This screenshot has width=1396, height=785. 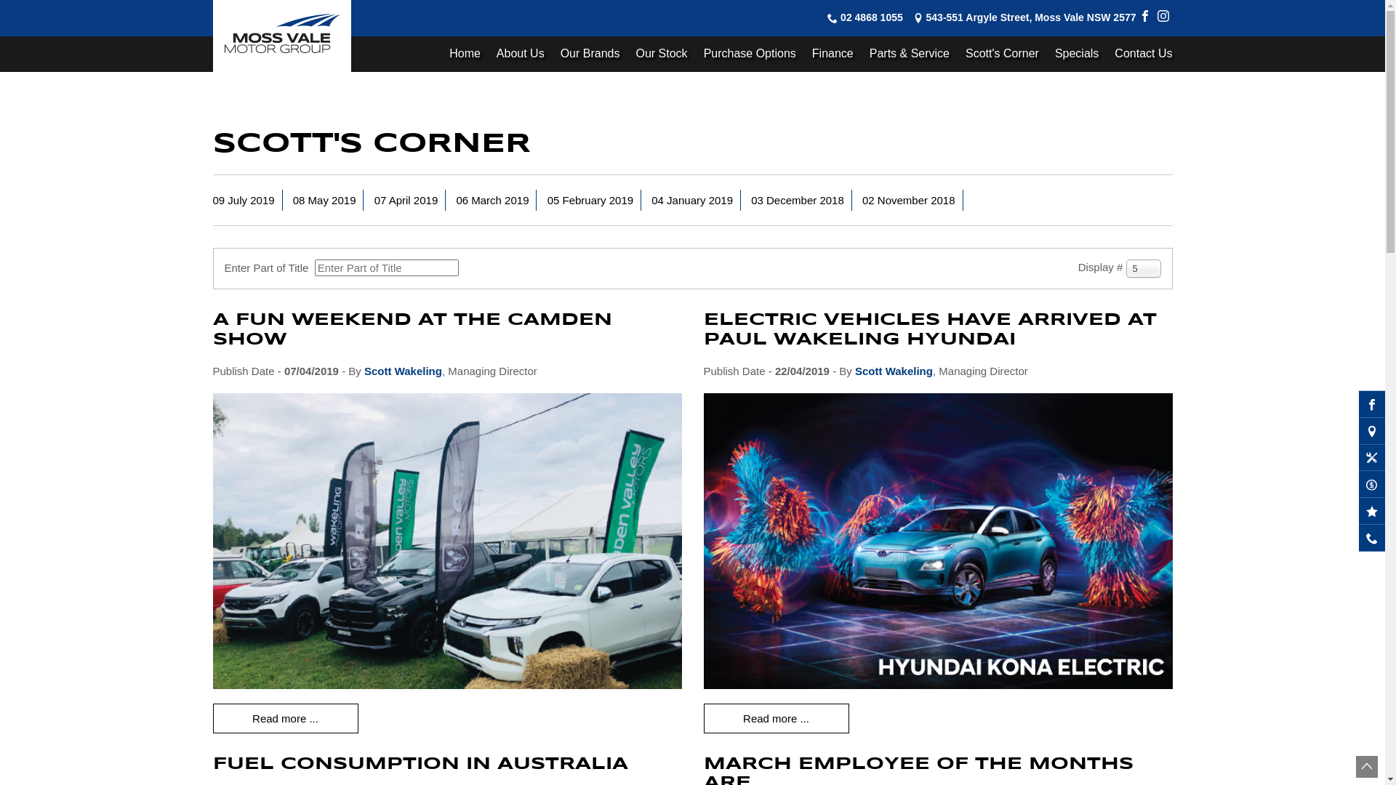 What do you see at coordinates (387, 267) in the screenshot?
I see `'Enter all or part of the title to search for.'` at bounding box center [387, 267].